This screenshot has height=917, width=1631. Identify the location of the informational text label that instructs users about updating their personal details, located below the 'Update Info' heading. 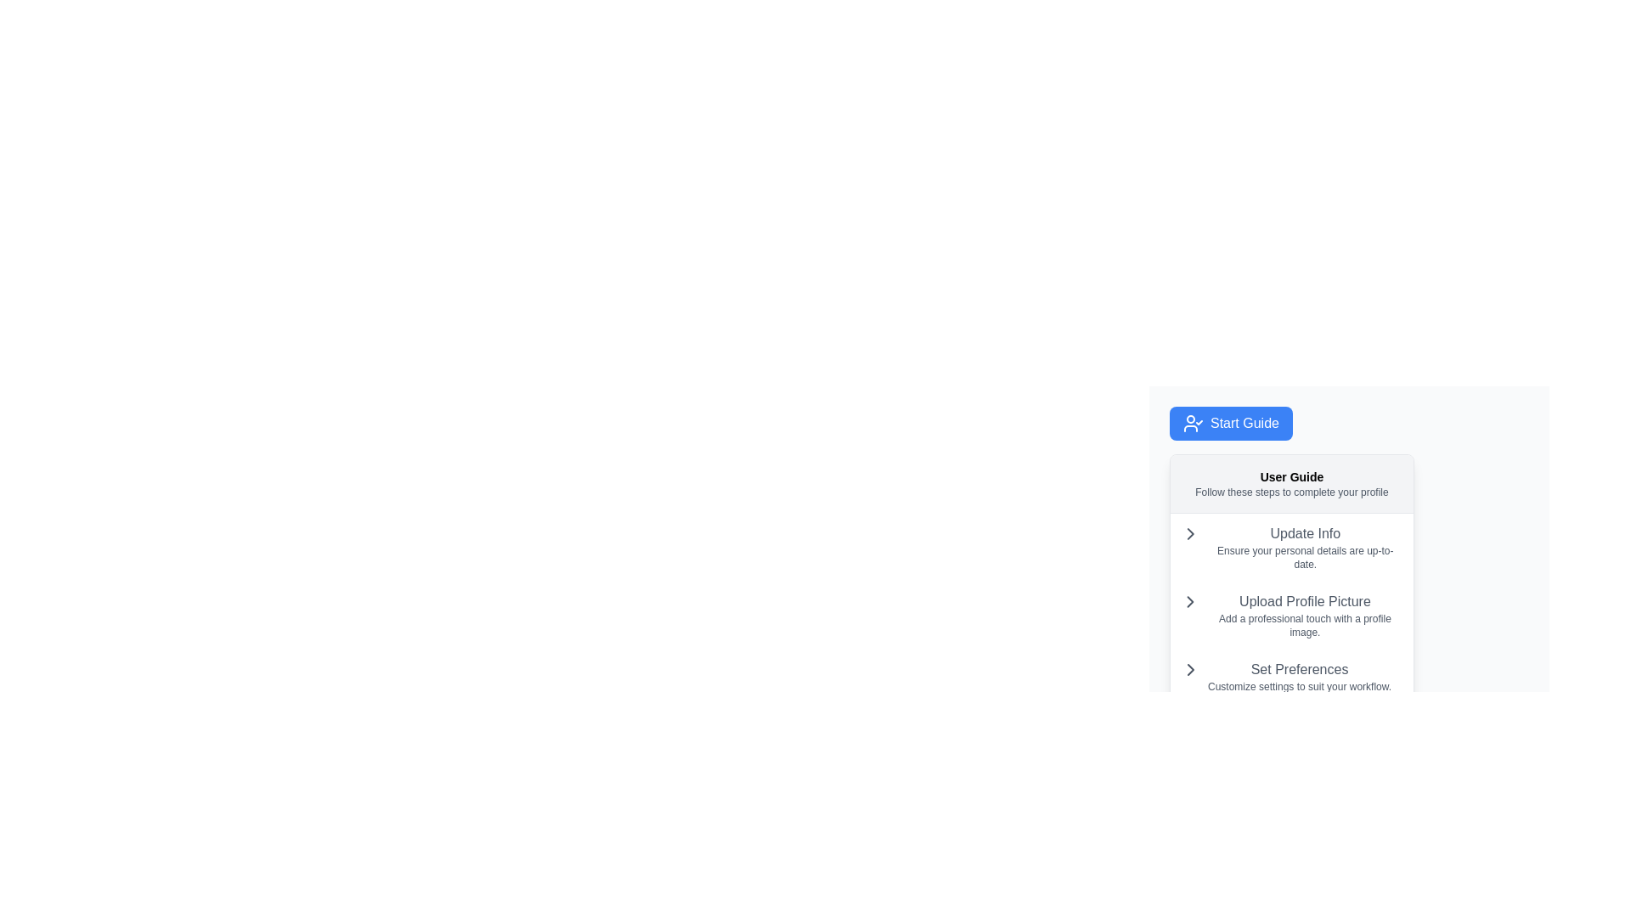
(1304, 557).